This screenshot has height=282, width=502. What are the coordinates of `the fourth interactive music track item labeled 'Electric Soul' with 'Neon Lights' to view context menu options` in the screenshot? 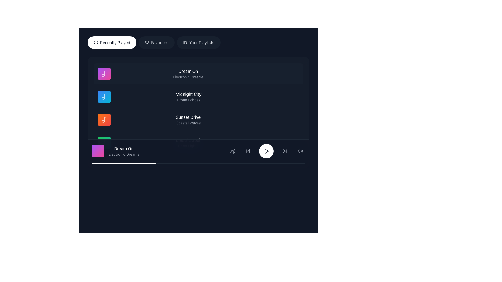 It's located at (198, 143).